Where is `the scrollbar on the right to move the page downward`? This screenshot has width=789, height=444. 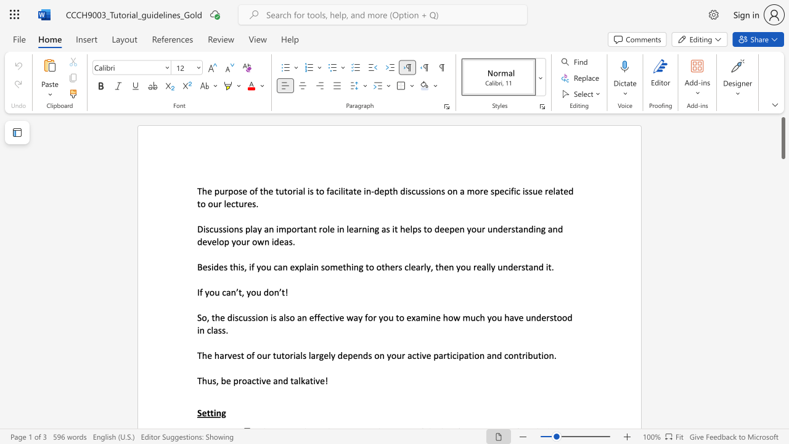
the scrollbar on the right to move the page downward is located at coordinates (782, 277).